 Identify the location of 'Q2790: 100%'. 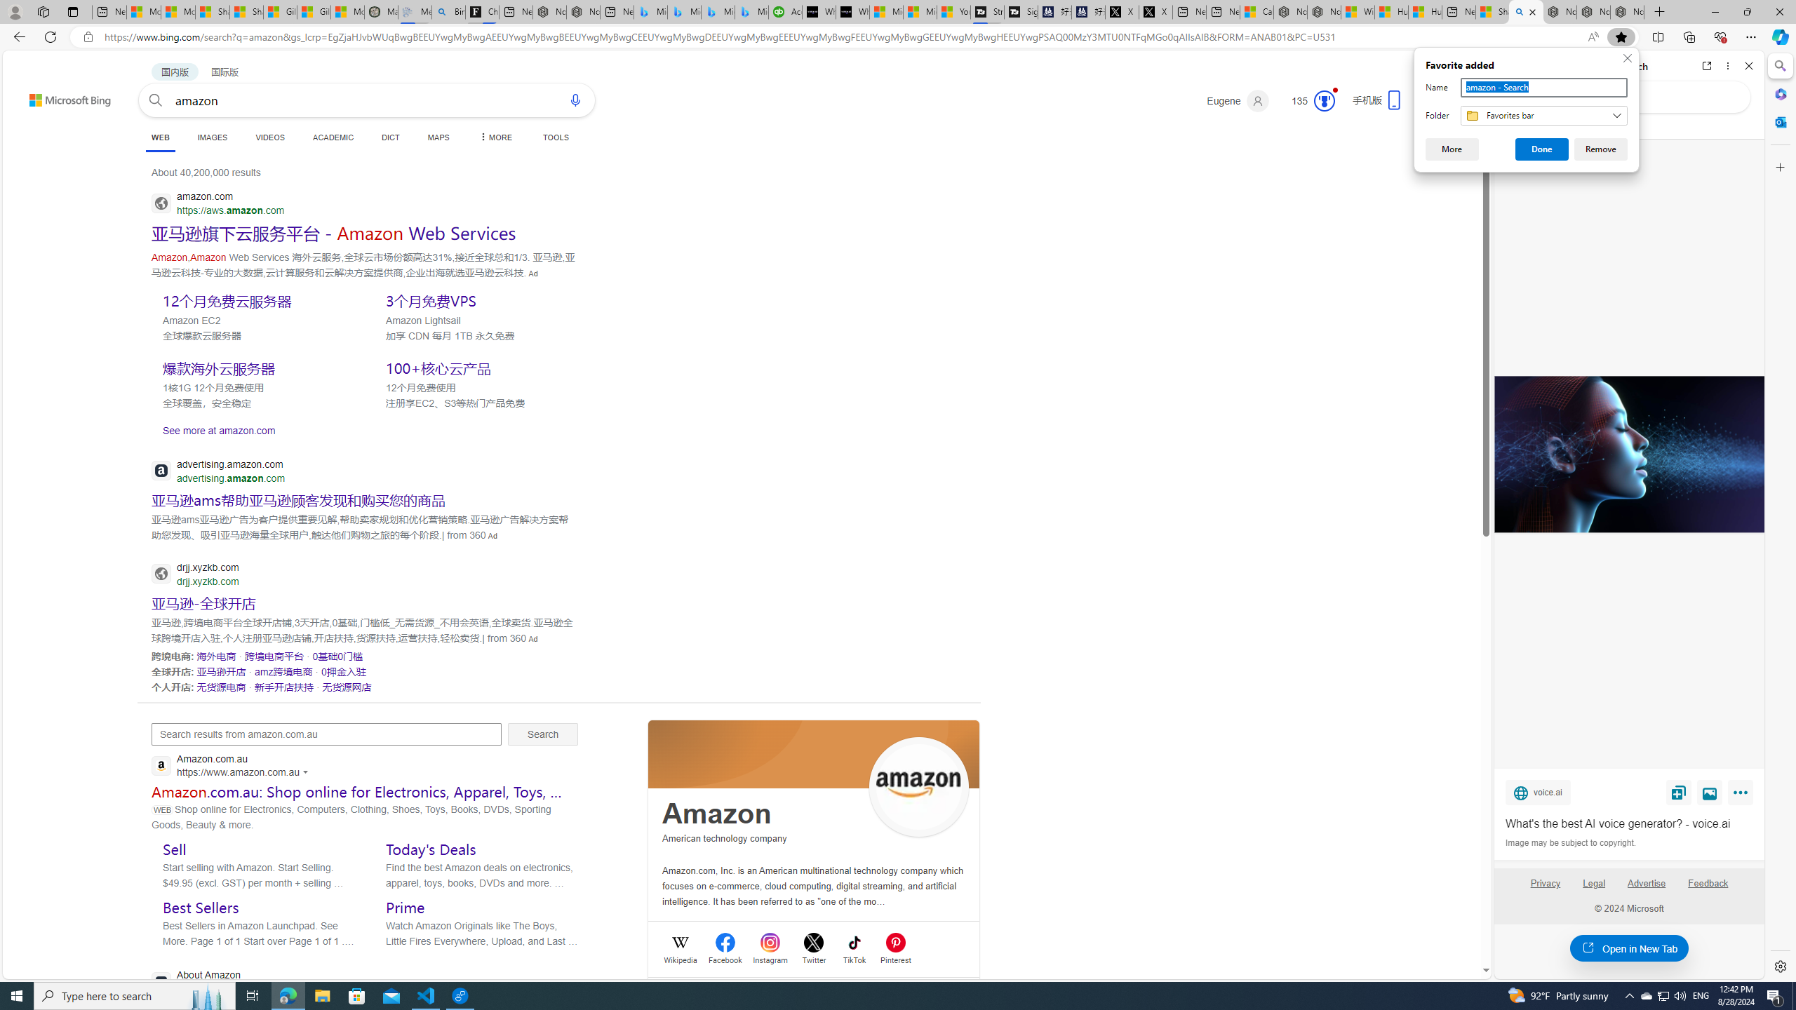
(1679, 995).